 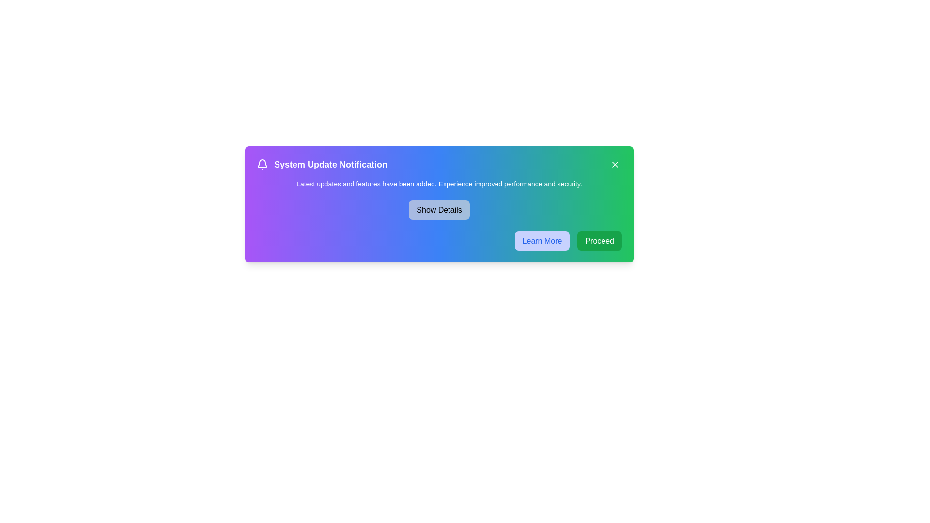 What do you see at coordinates (615, 164) in the screenshot?
I see `the close button located at the top-right corner of the notification panel to observe the hover effect` at bounding box center [615, 164].